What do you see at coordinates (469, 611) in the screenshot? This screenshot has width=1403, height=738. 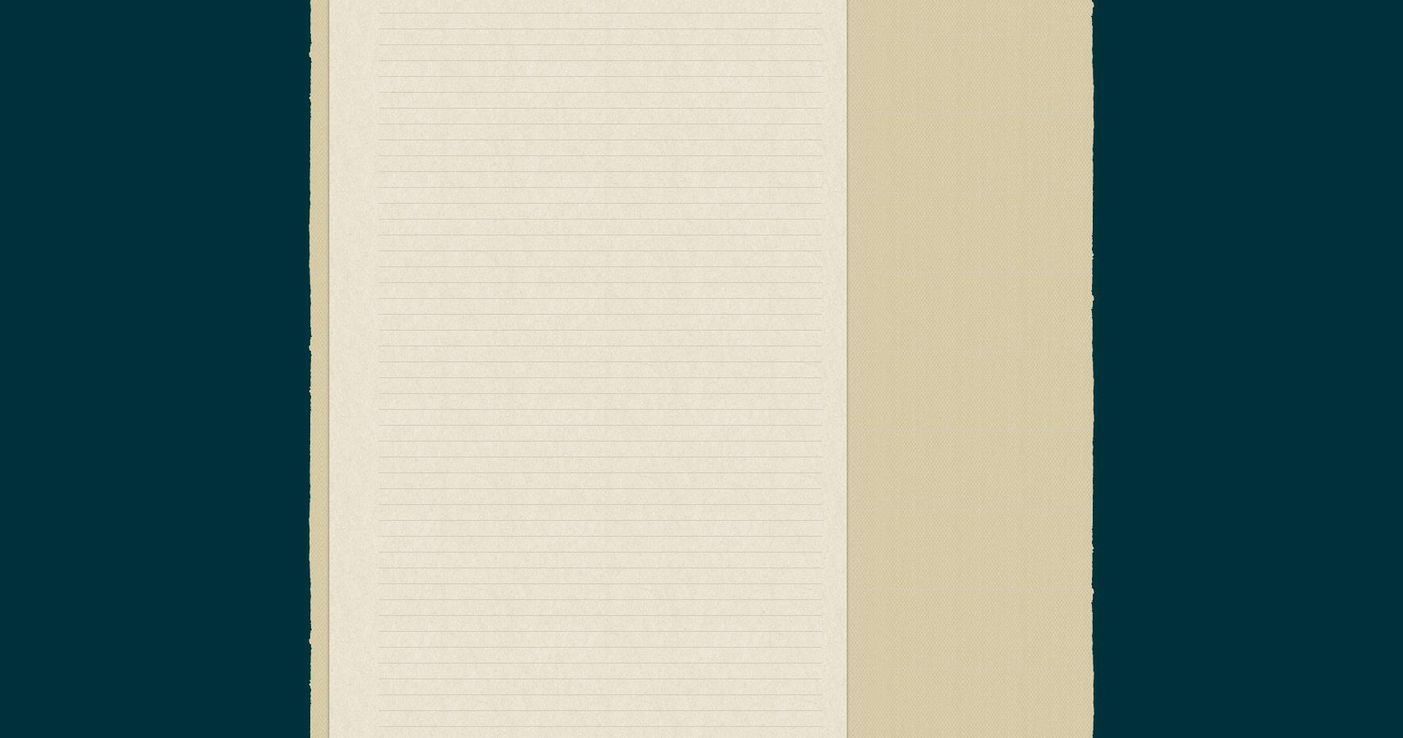 I see `'still performs with Susan and Paul as'` at bounding box center [469, 611].